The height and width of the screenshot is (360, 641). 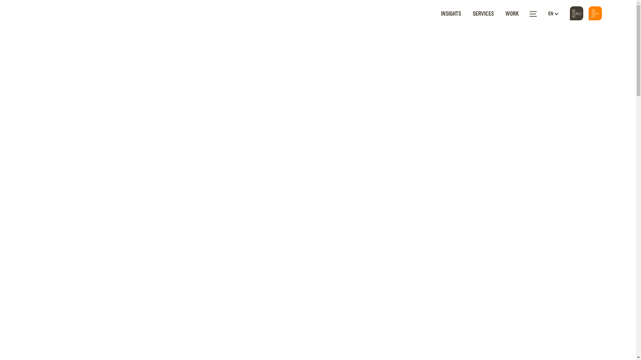 I want to click on 'SERVICES', so click(x=472, y=13).